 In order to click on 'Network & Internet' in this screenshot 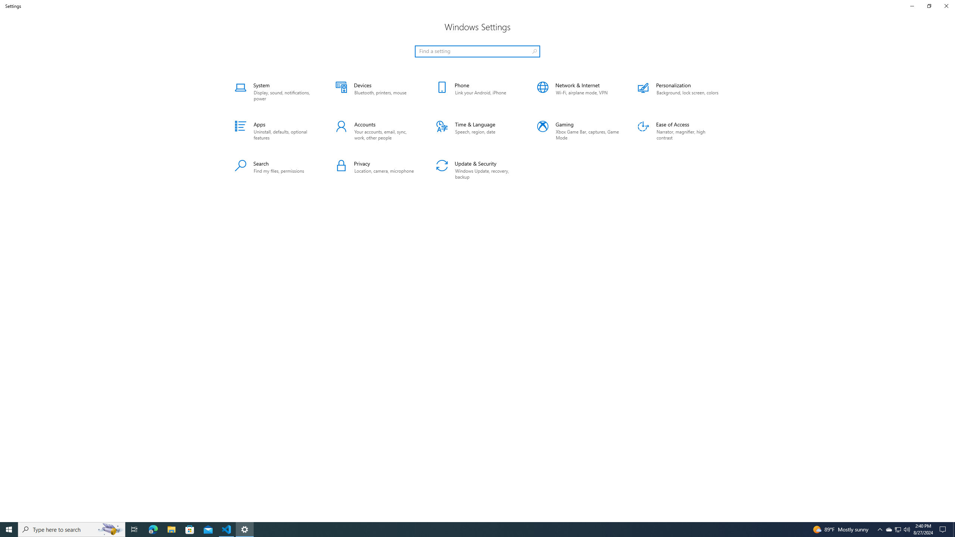, I will do `click(578, 91)`.